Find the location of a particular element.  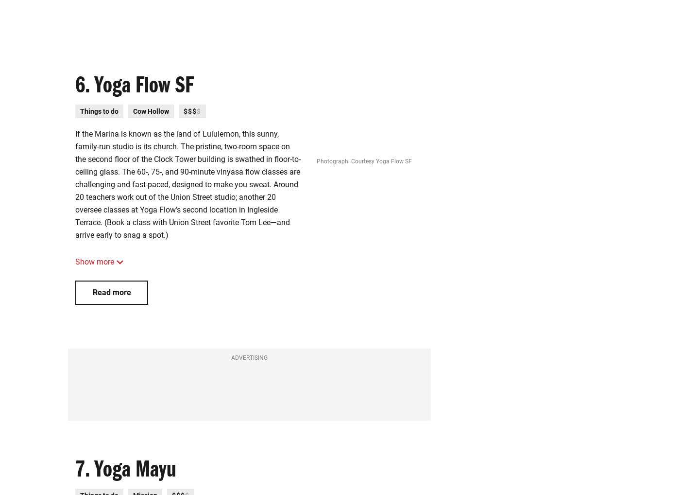

'6.' is located at coordinates (83, 88).